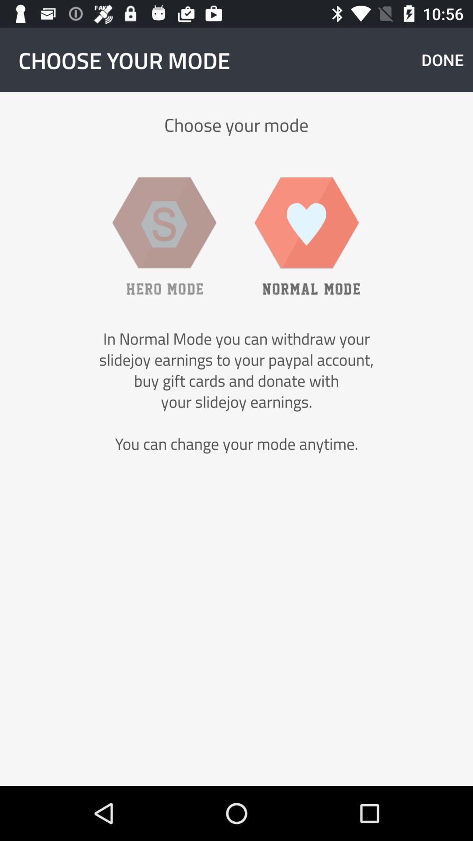 The width and height of the screenshot is (473, 841). Describe the element at coordinates (164, 236) in the screenshot. I see `item above the in normal mode item` at that location.